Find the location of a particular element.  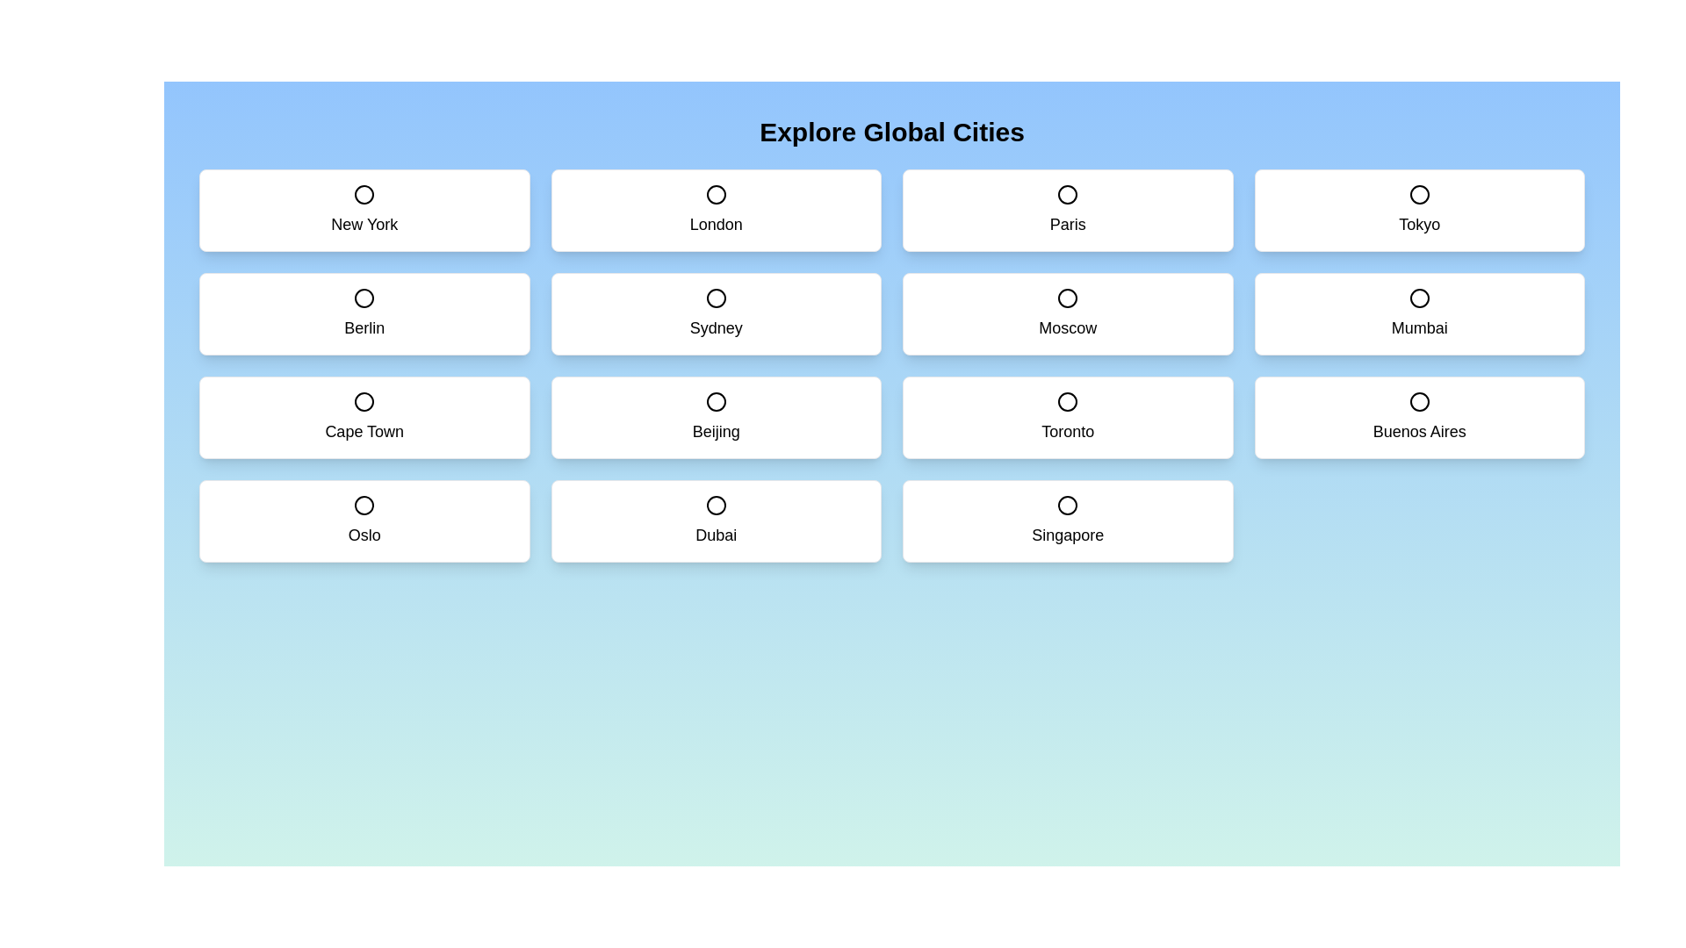

the city card labeled Dubai to toggle its selection state is located at coordinates (716, 521).